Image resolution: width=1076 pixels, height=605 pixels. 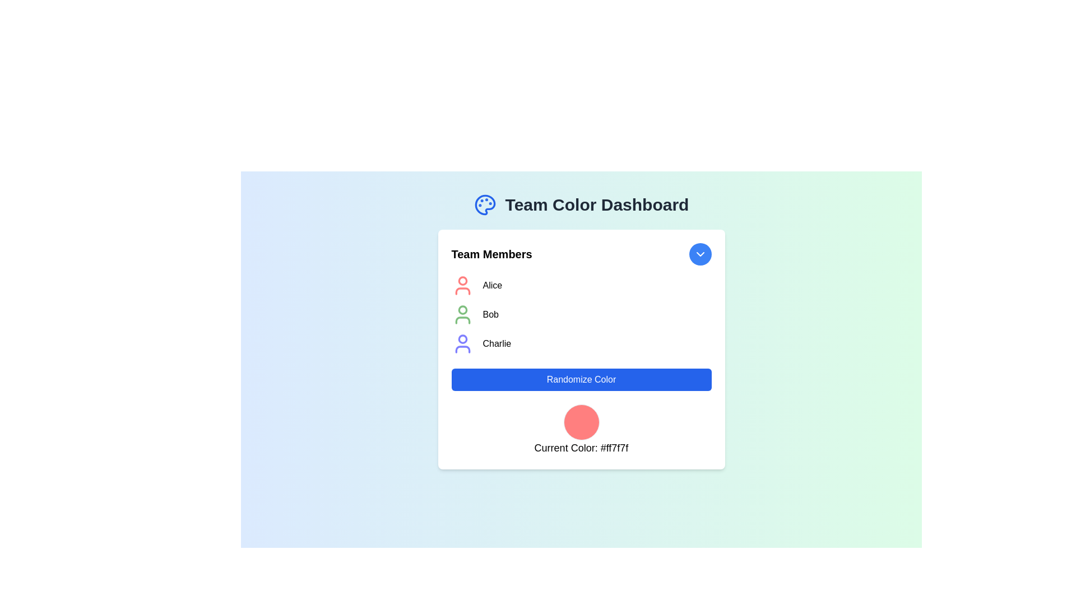 What do you see at coordinates (699, 254) in the screenshot?
I see `the button located at the top-right side of the 'Team Members' section` at bounding box center [699, 254].